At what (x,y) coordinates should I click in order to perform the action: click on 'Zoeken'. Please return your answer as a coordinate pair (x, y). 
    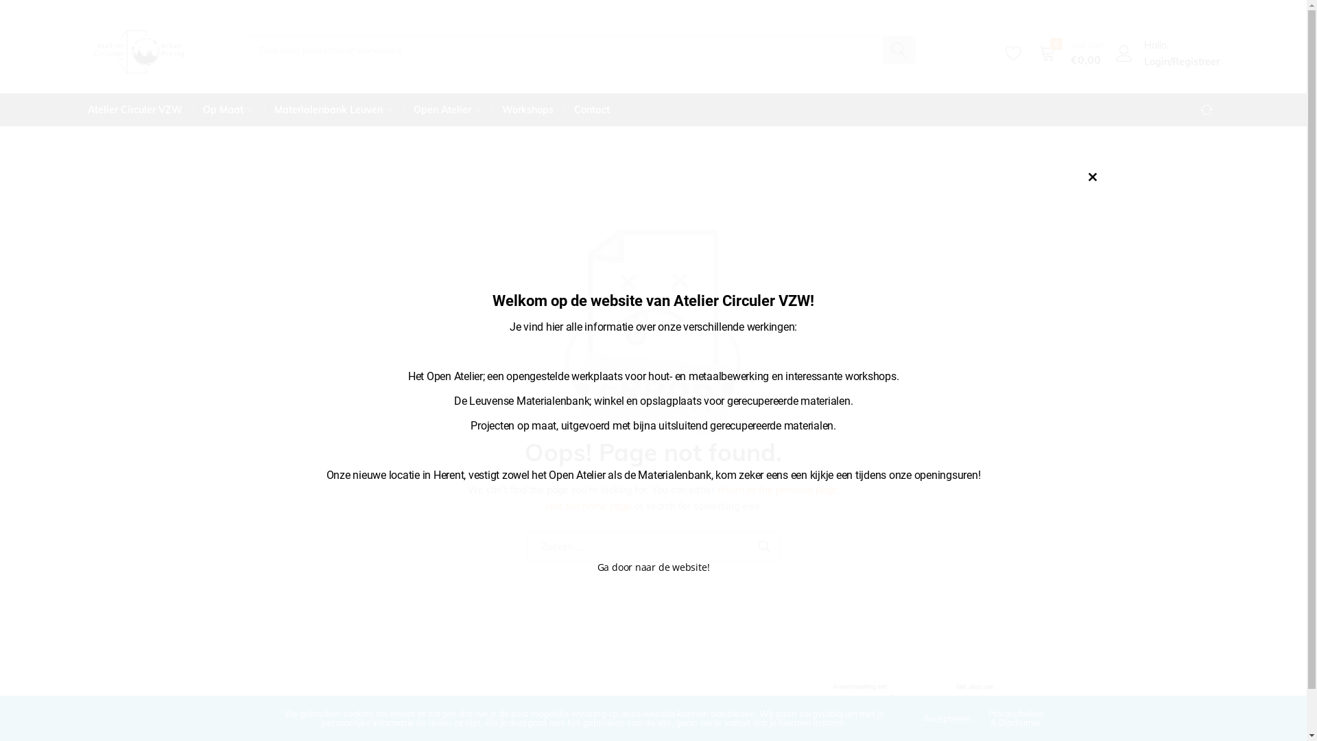
    Looking at the image, I should click on (763, 546).